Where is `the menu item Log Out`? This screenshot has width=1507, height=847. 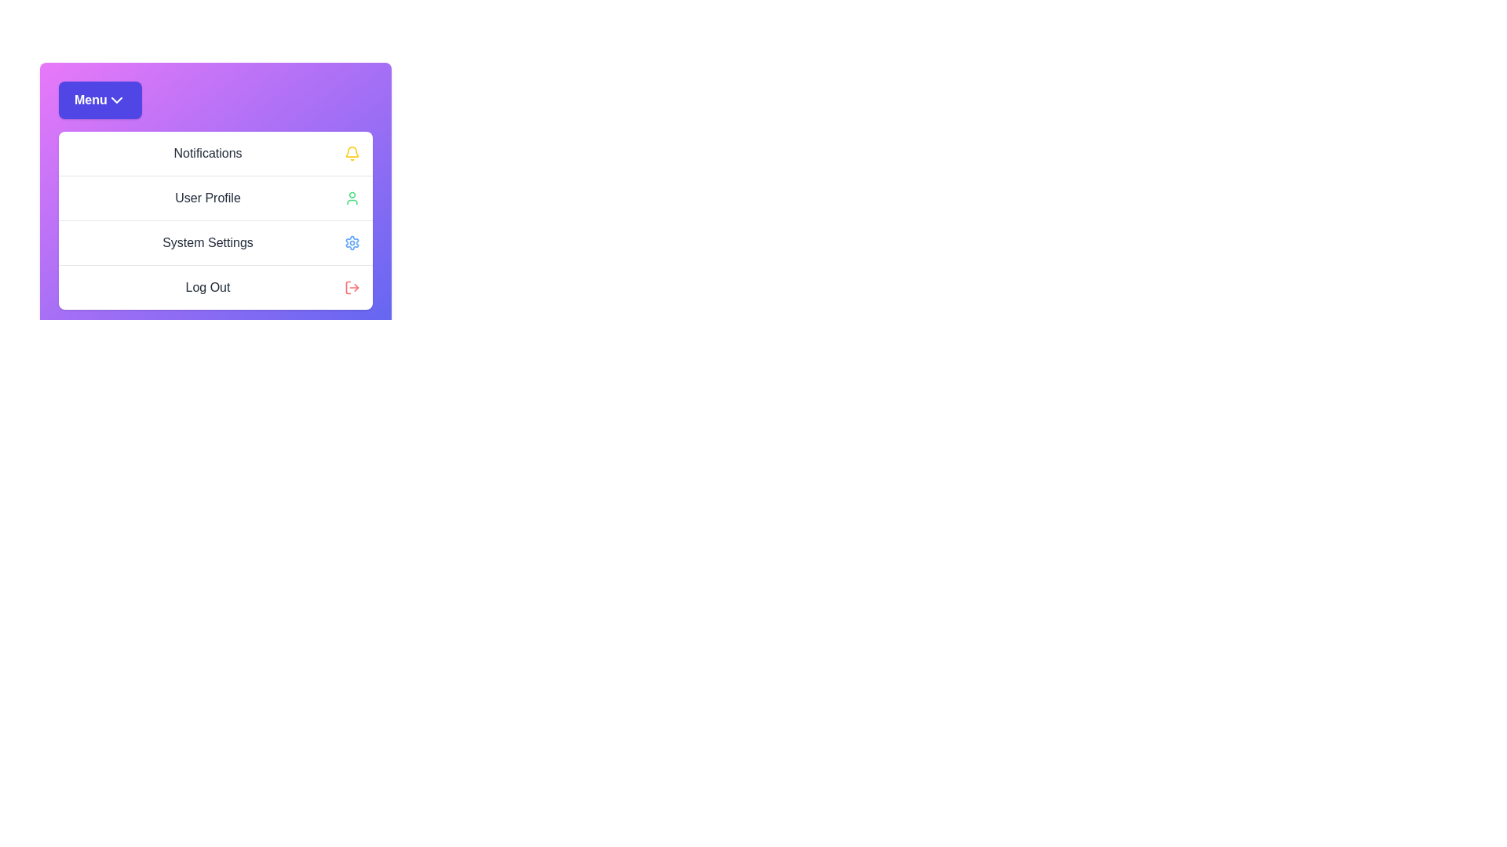
the menu item Log Out is located at coordinates (214, 287).